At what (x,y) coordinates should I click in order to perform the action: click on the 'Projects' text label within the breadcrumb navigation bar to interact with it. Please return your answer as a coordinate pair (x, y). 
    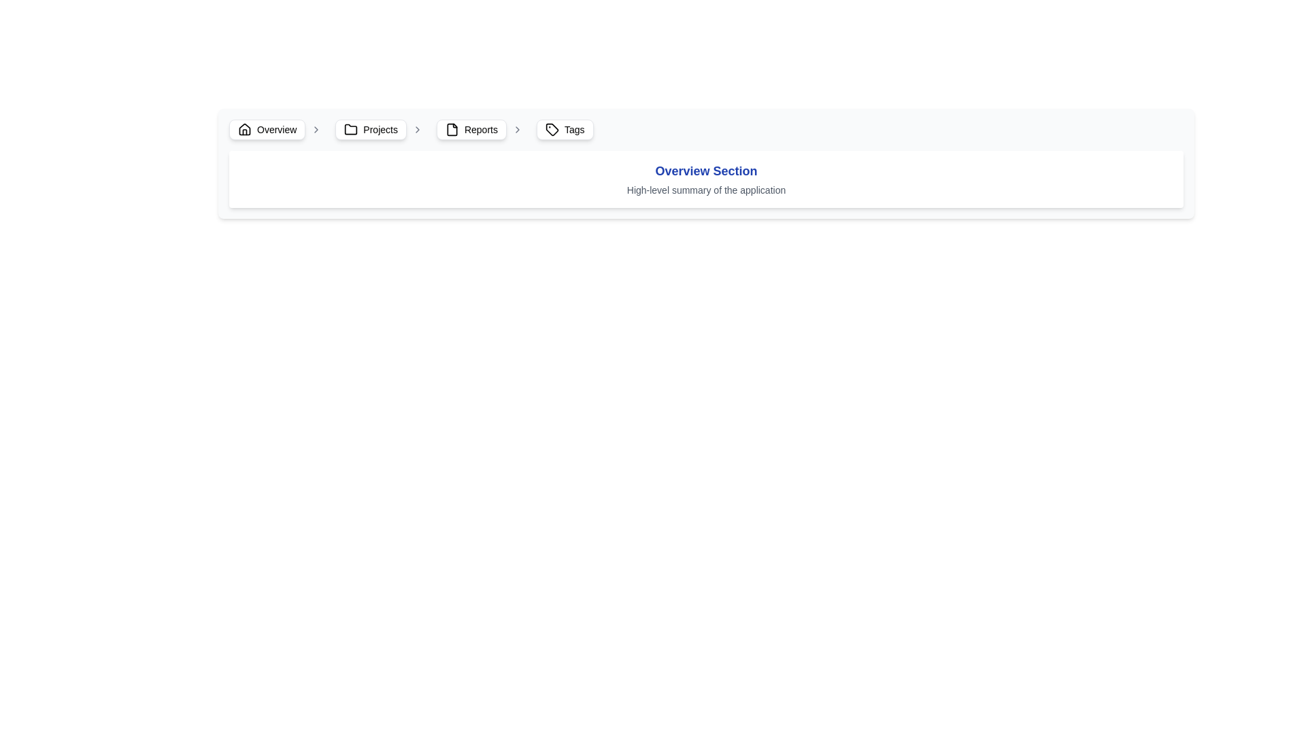
    Looking at the image, I should click on (380, 130).